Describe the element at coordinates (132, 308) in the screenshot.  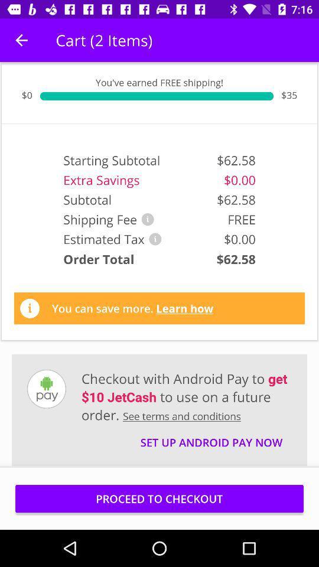
I see `the you can save item` at that location.